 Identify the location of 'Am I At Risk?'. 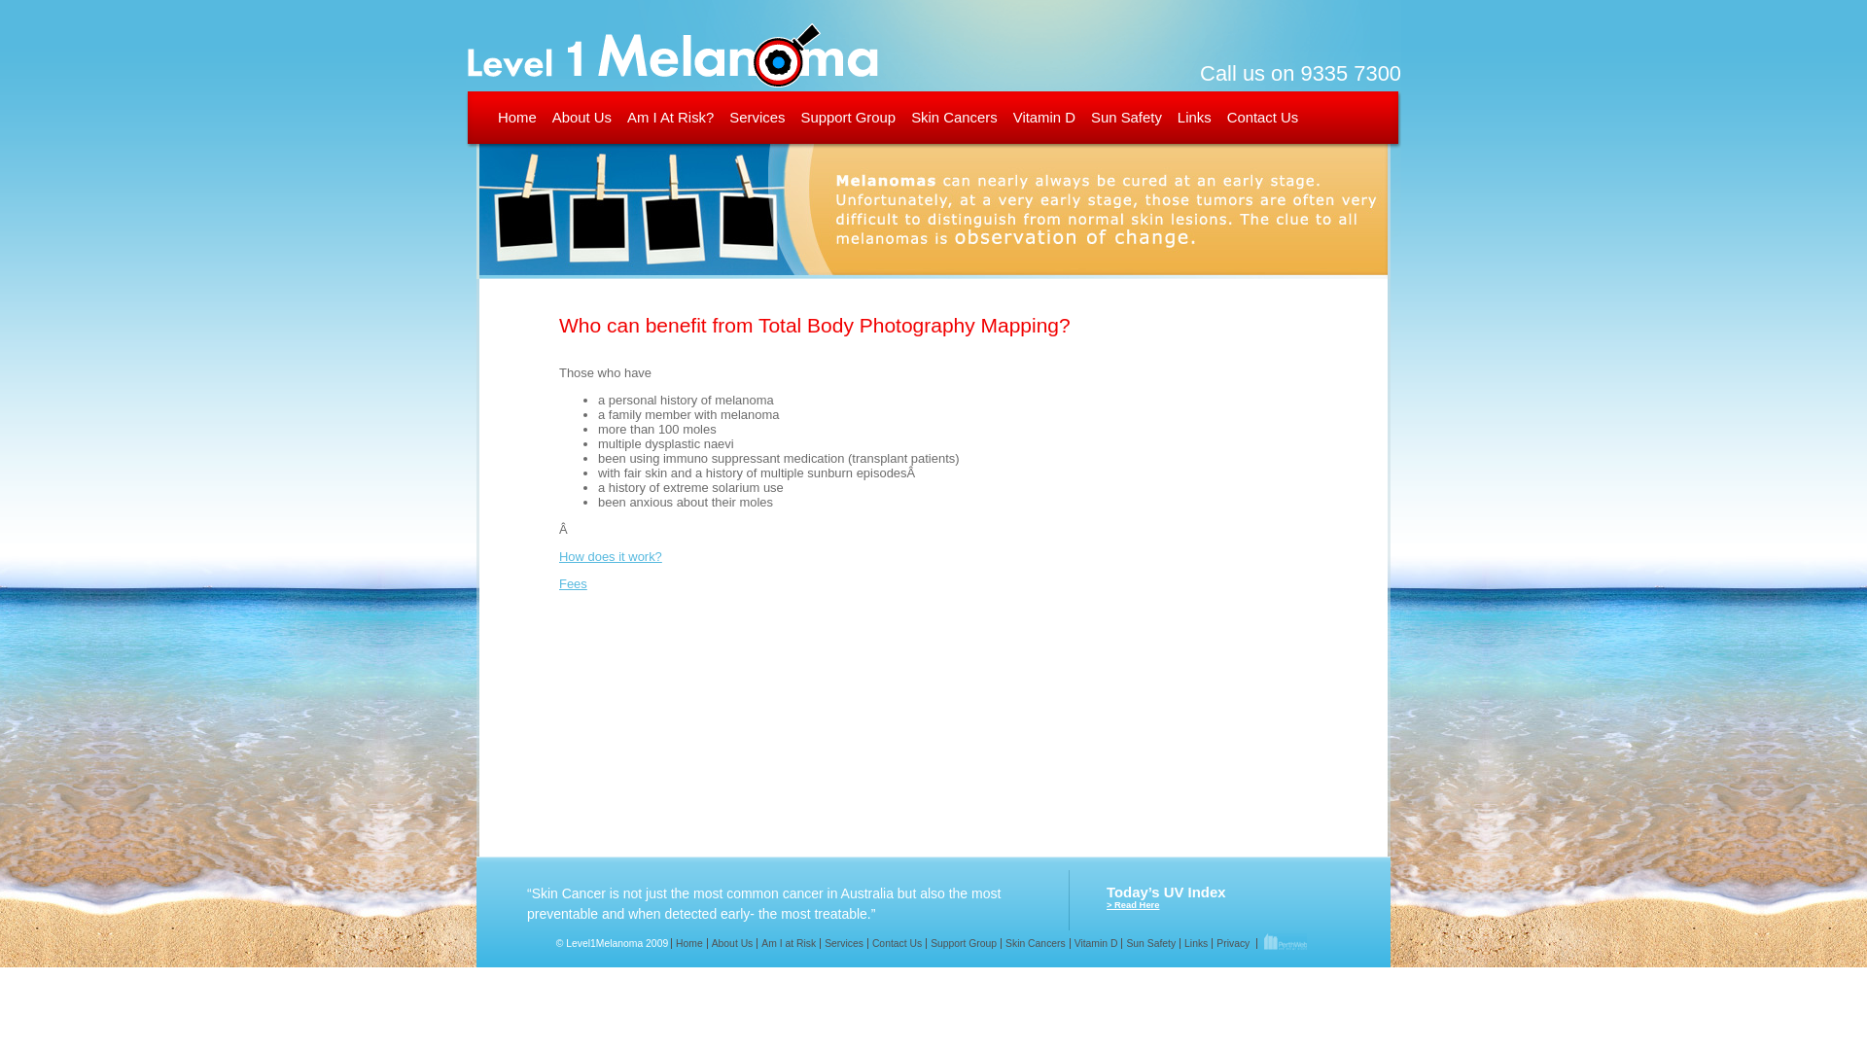
(670, 117).